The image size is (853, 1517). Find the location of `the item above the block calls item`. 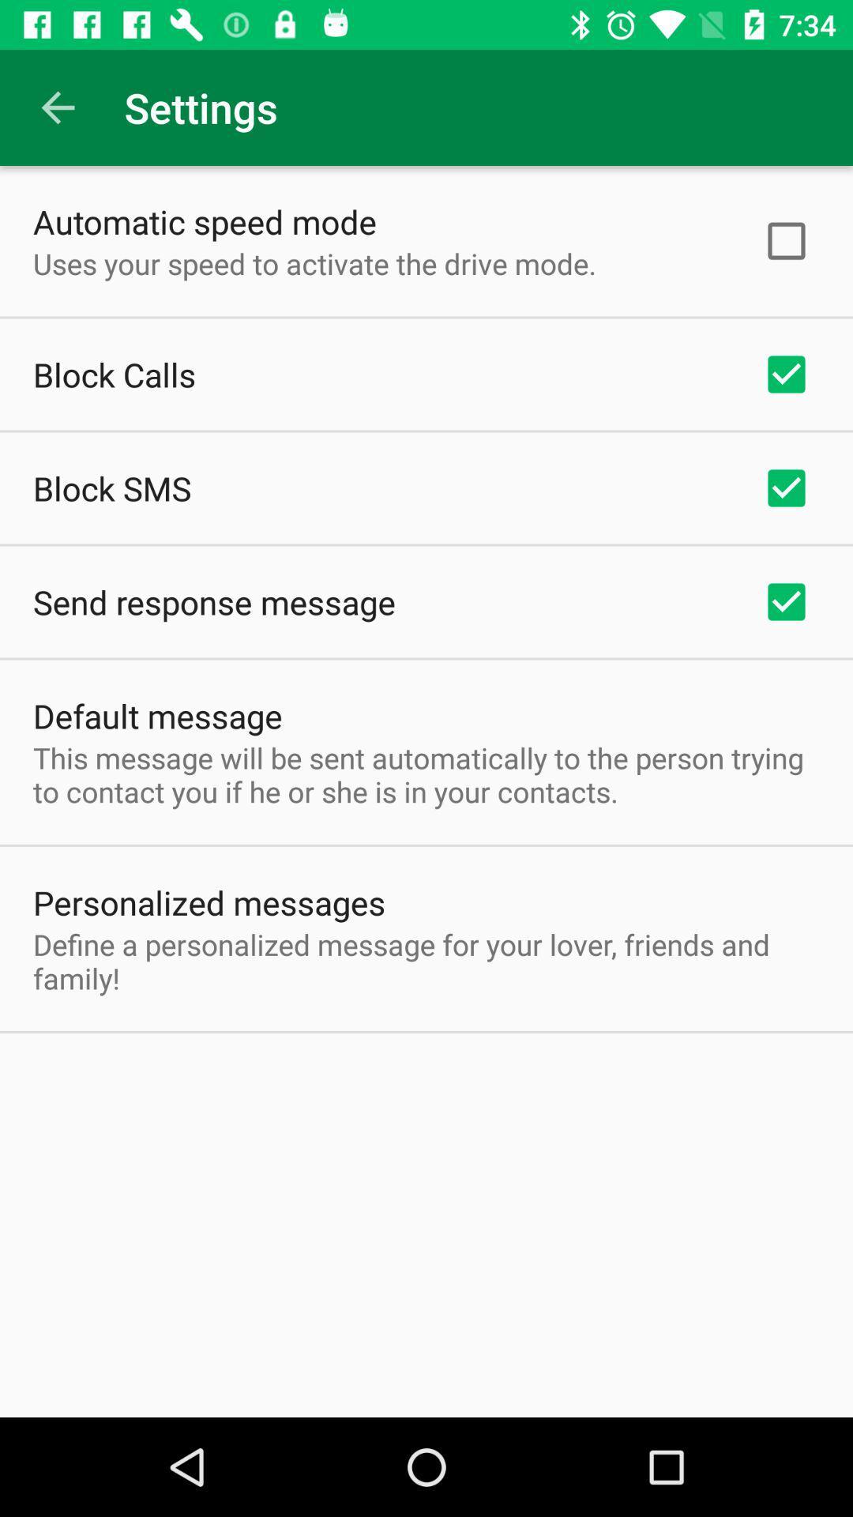

the item above the block calls item is located at coordinates (314, 263).